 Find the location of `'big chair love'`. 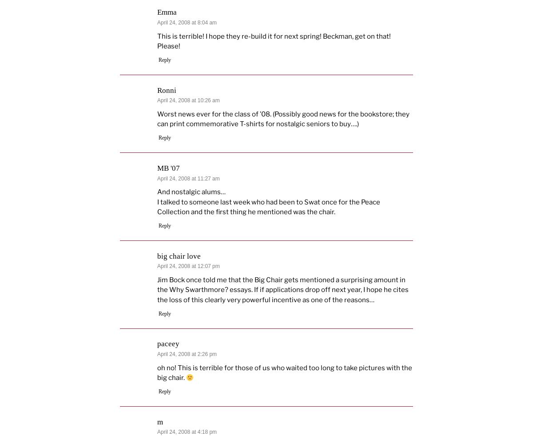

'big chair love' is located at coordinates (179, 256).